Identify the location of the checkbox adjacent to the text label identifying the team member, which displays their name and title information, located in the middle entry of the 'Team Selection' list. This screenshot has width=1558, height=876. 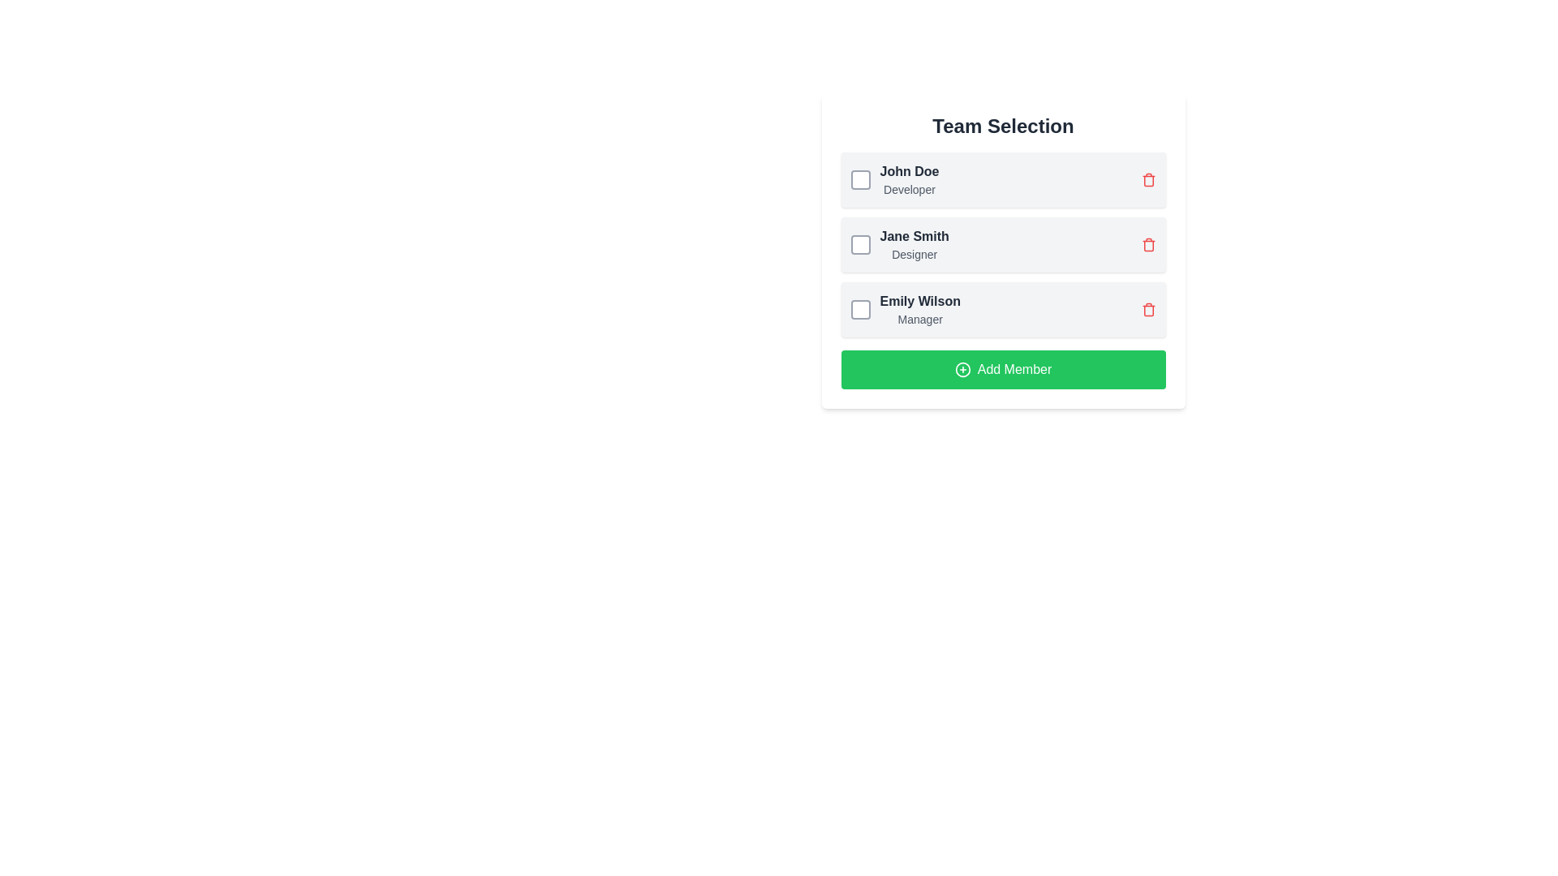
(915, 244).